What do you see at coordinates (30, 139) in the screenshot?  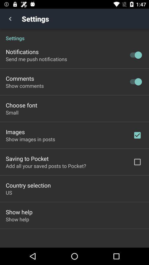 I see `the icon below the images` at bounding box center [30, 139].